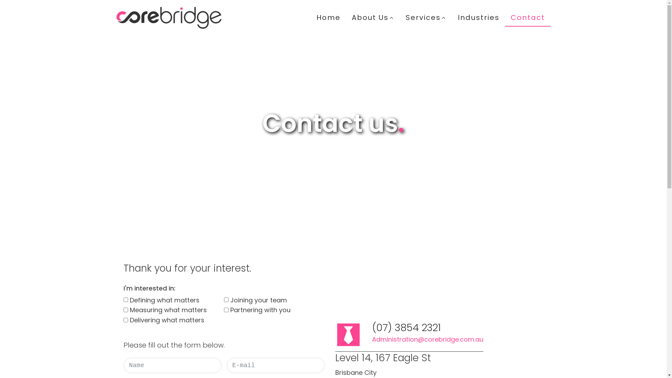 Image resolution: width=672 pixels, height=378 pixels. What do you see at coordinates (371, 328) in the screenshot?
I see `'(07) 3854 2321'` at bounding box center [371, 328].